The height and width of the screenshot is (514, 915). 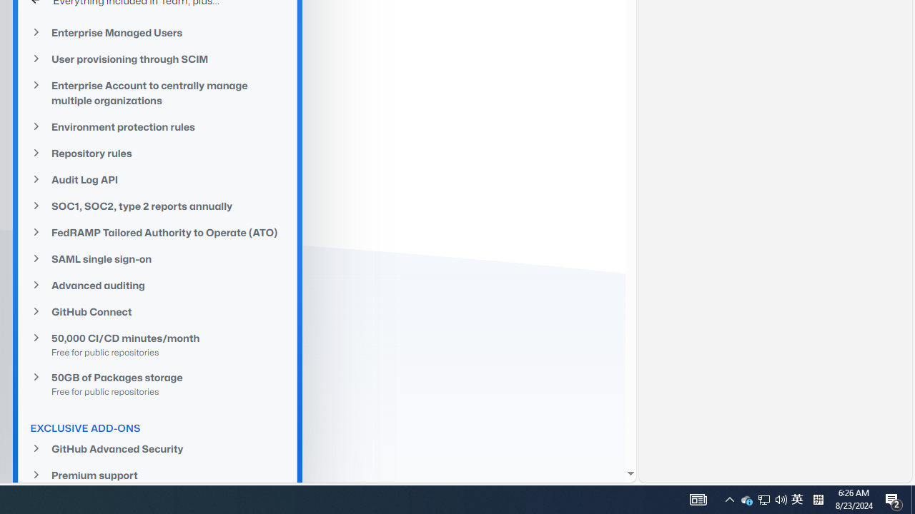 I want to click on 'Advanced auditing', so click(x=157, y=285).